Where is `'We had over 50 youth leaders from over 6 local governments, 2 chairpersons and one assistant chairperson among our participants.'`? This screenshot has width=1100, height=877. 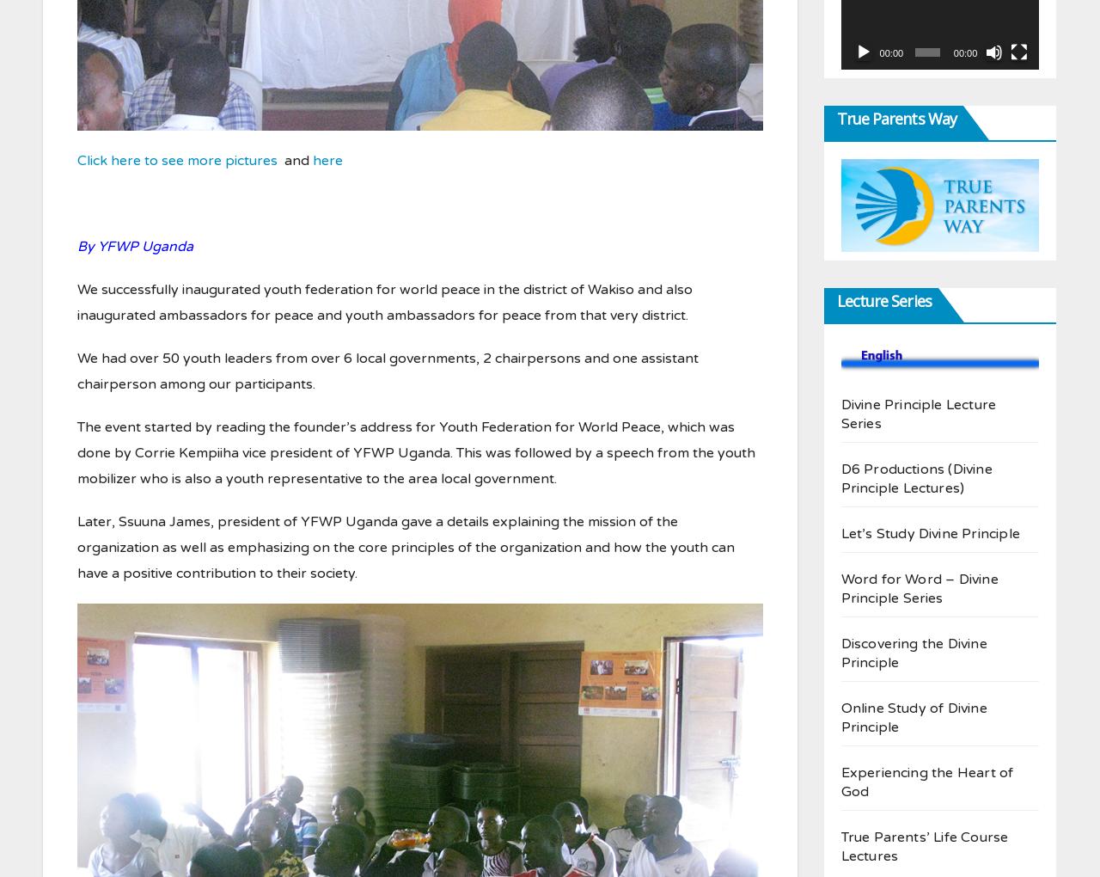 'We had over 50 youth leaders from over 6 local governments, 2 chairpersons and one assistant chairperson among our participants.' is located at coordinates (76, 369).